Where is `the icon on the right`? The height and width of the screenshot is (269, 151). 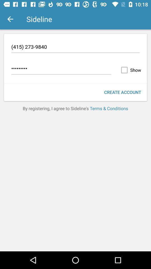
the icon on the right is located at coordinates (122, 92).